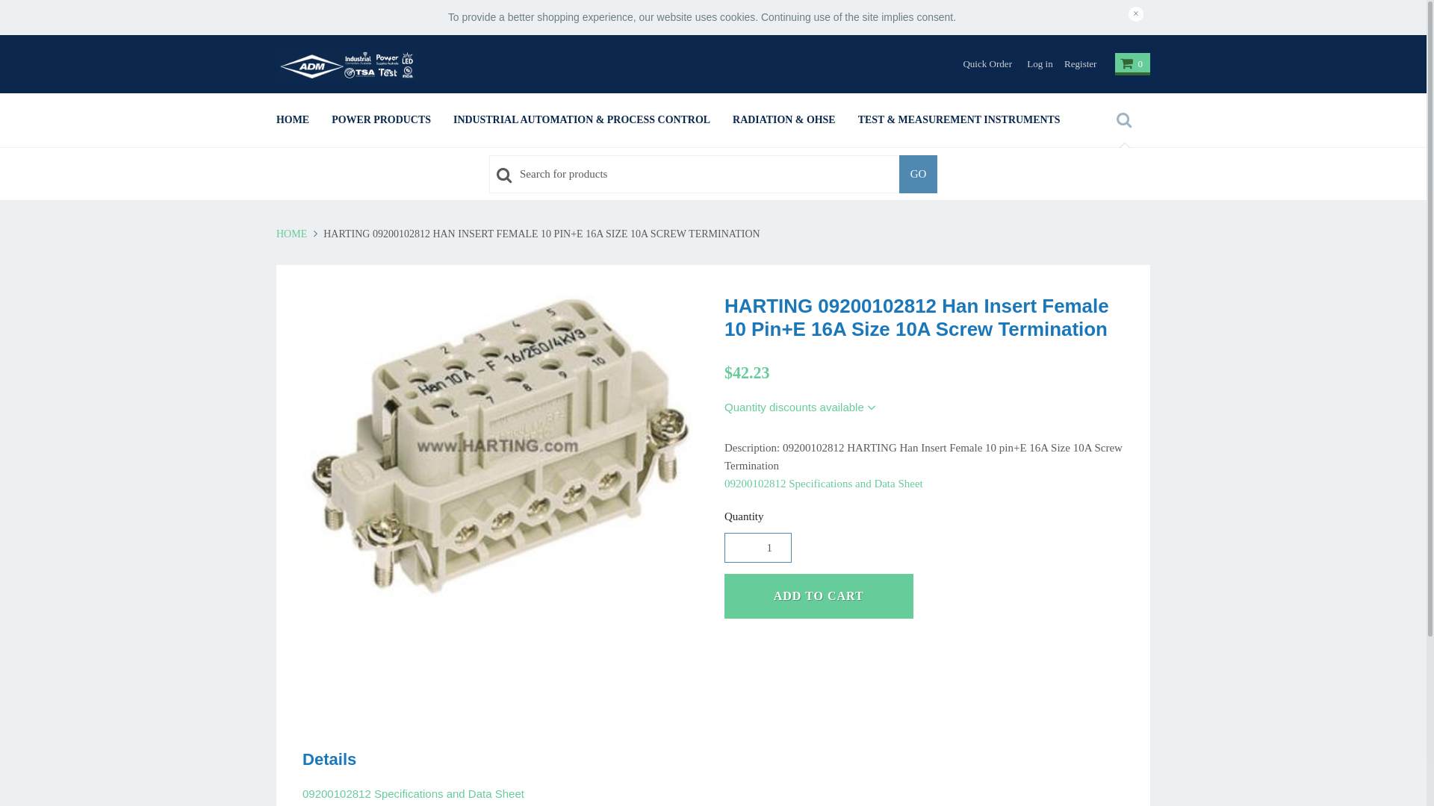 This screenshot has height=806, width=1434. I want to click on '0', so click(1132, 63).